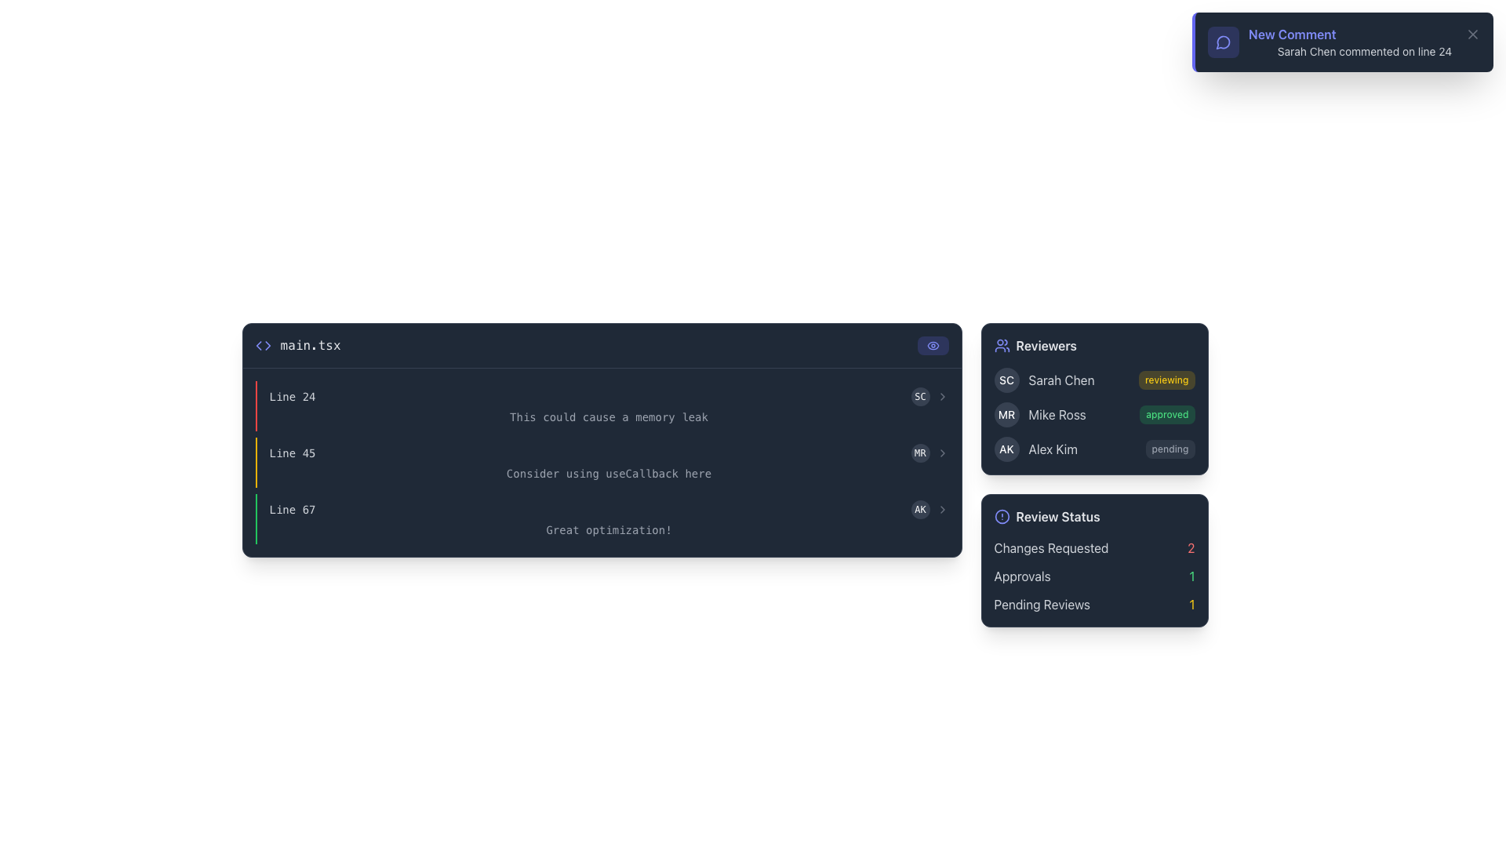 The image size is (1506, 847). I want to click on the text label displaying 'Sarah Chen commented on line 24' in the notification panel, so click(1363, 50).